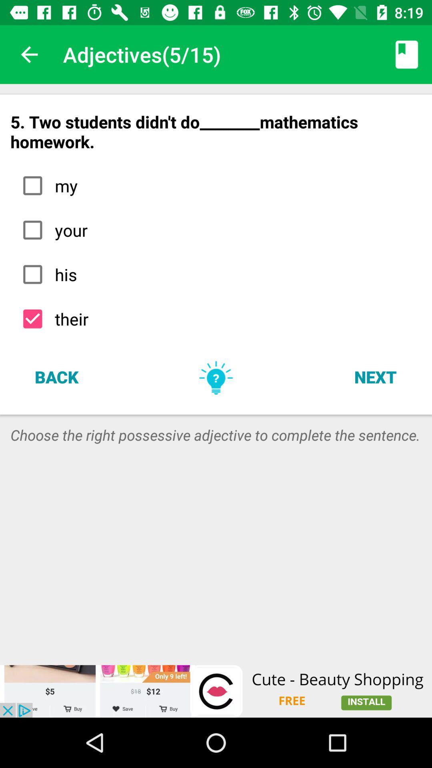  What do you see at coordinates (32, 230) in the screenshot?
I see `the second check box` at bounding box center [32, 230].